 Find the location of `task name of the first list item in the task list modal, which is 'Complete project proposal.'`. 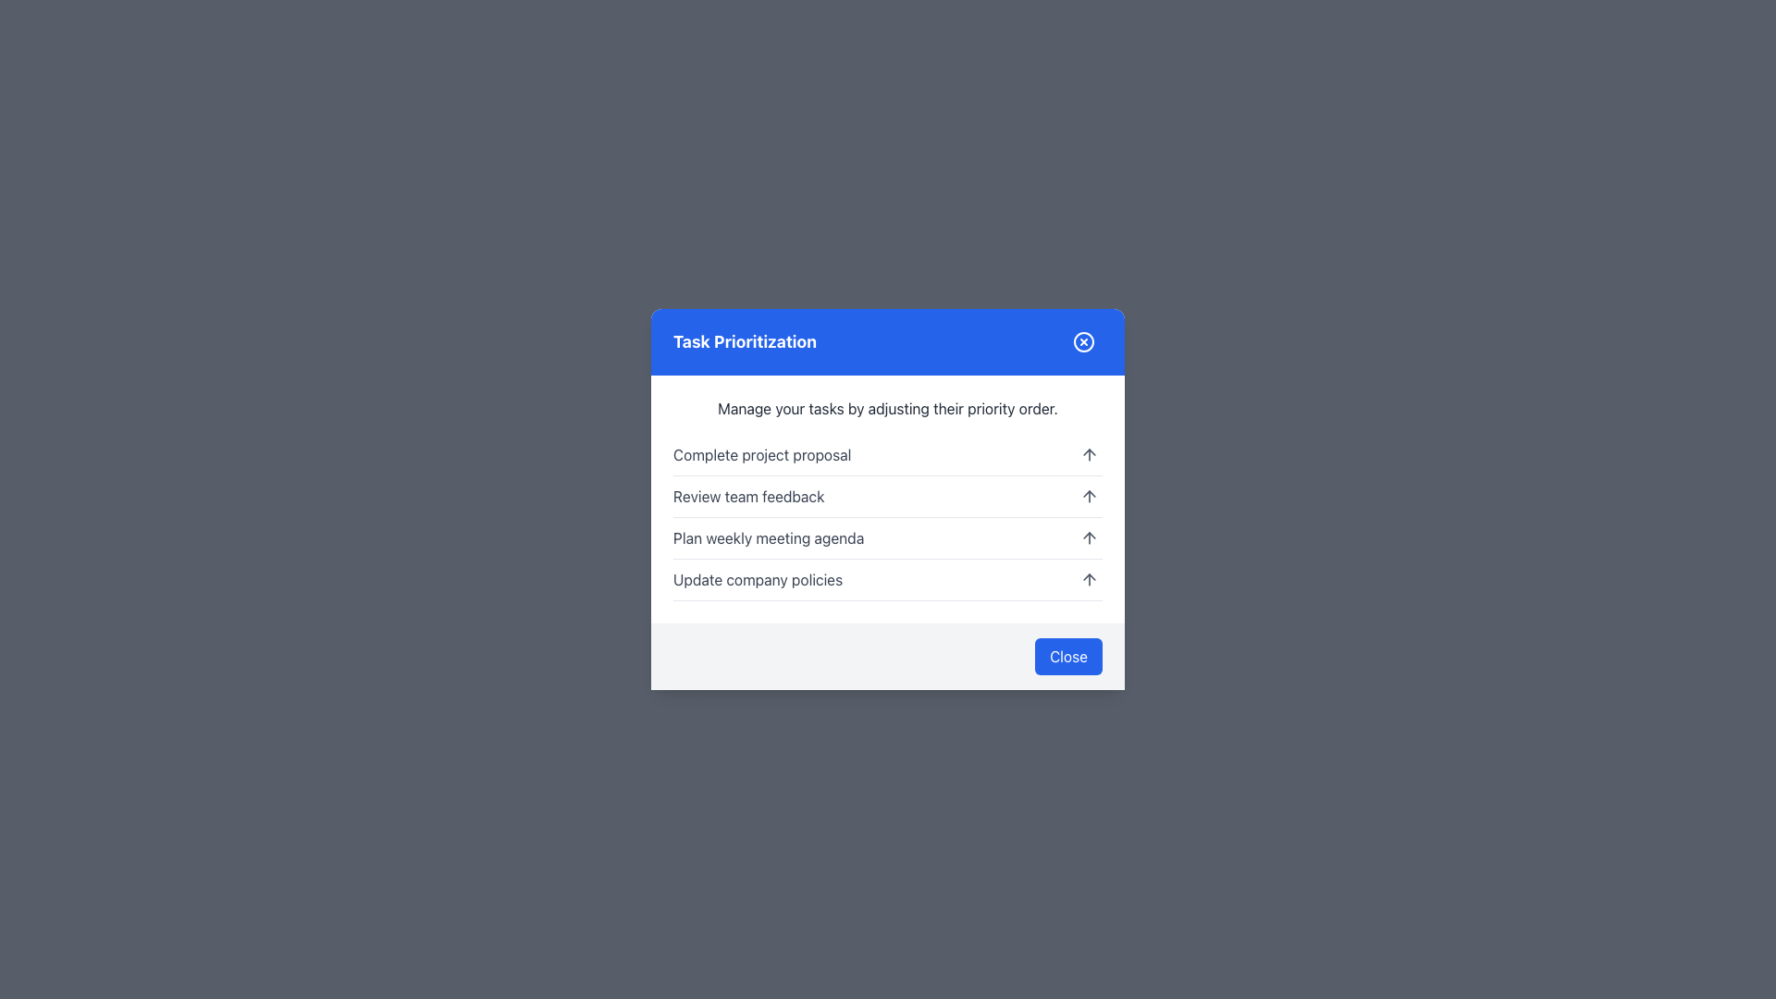

task name of the first list item in the task list modal, which is 'Complete project proposal.' is located at coordinates (888, 455).